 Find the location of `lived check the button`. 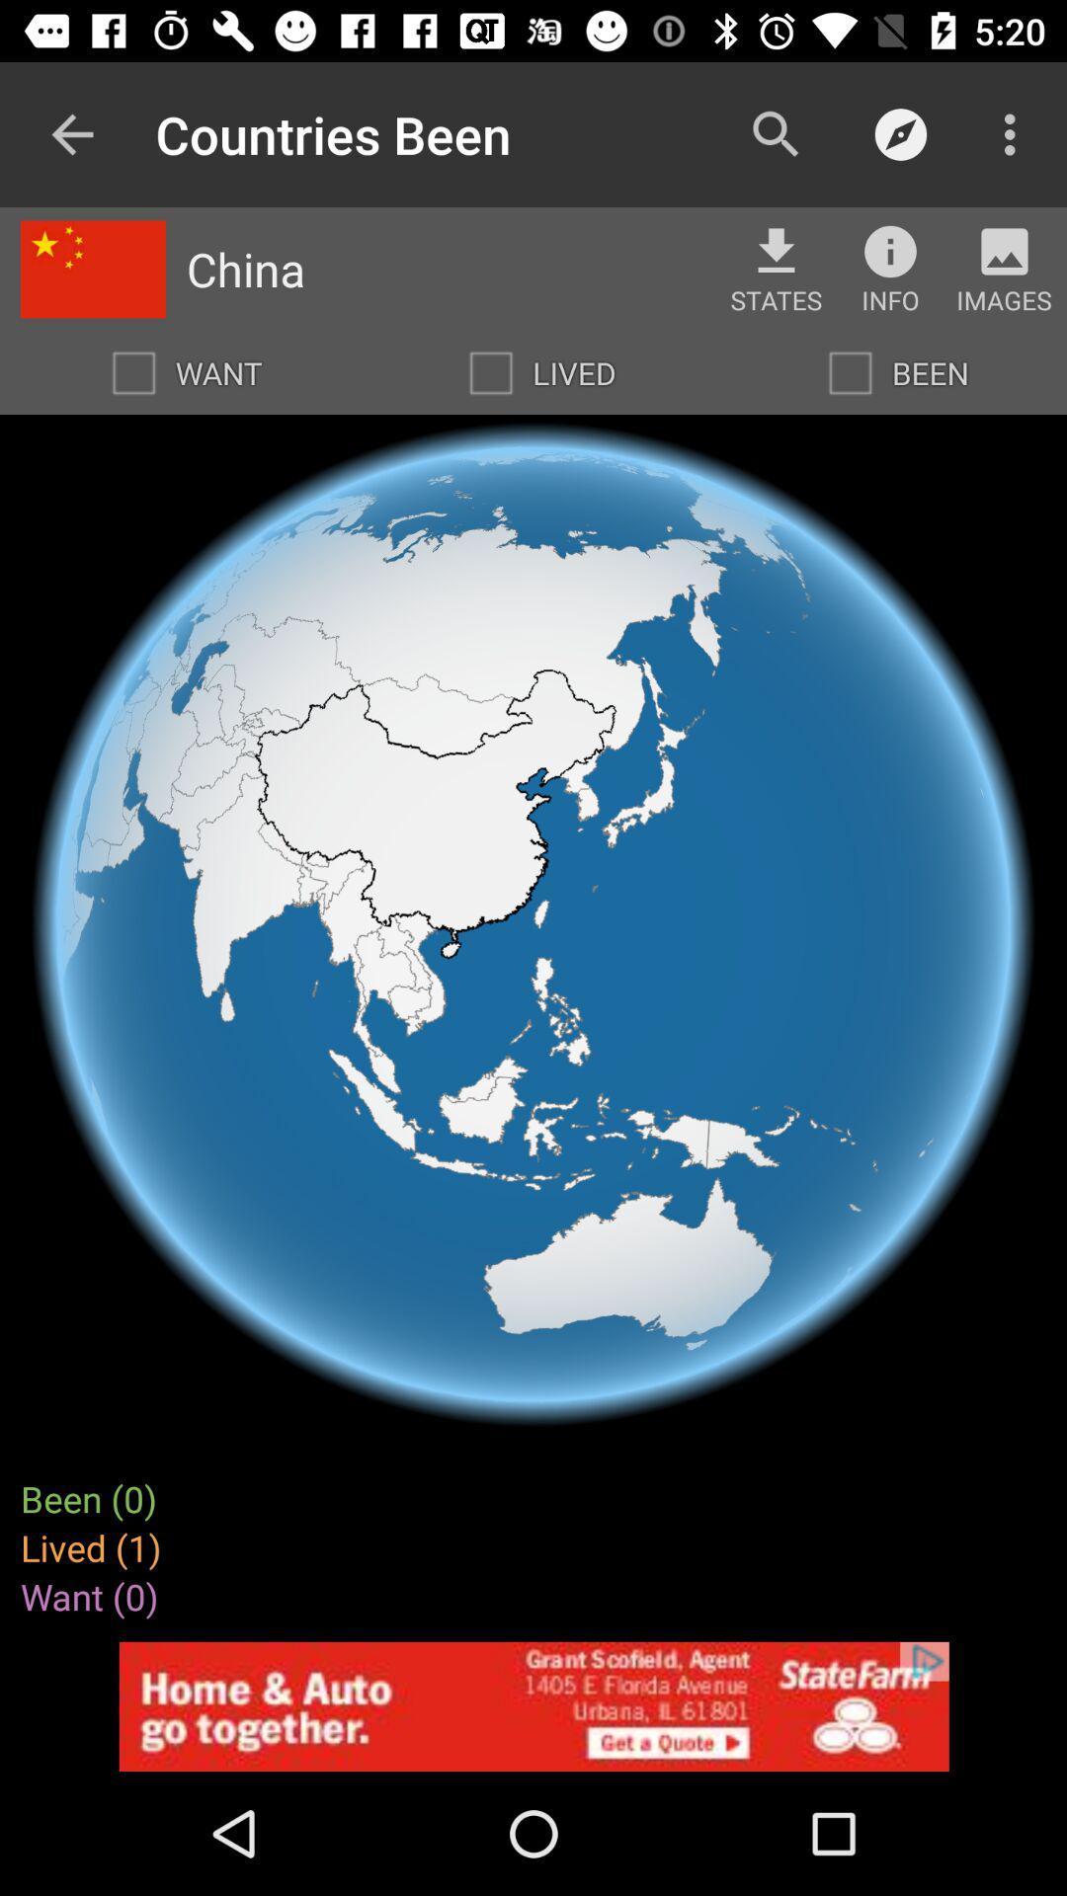

lived check the button is located at coordinates (490, 373).